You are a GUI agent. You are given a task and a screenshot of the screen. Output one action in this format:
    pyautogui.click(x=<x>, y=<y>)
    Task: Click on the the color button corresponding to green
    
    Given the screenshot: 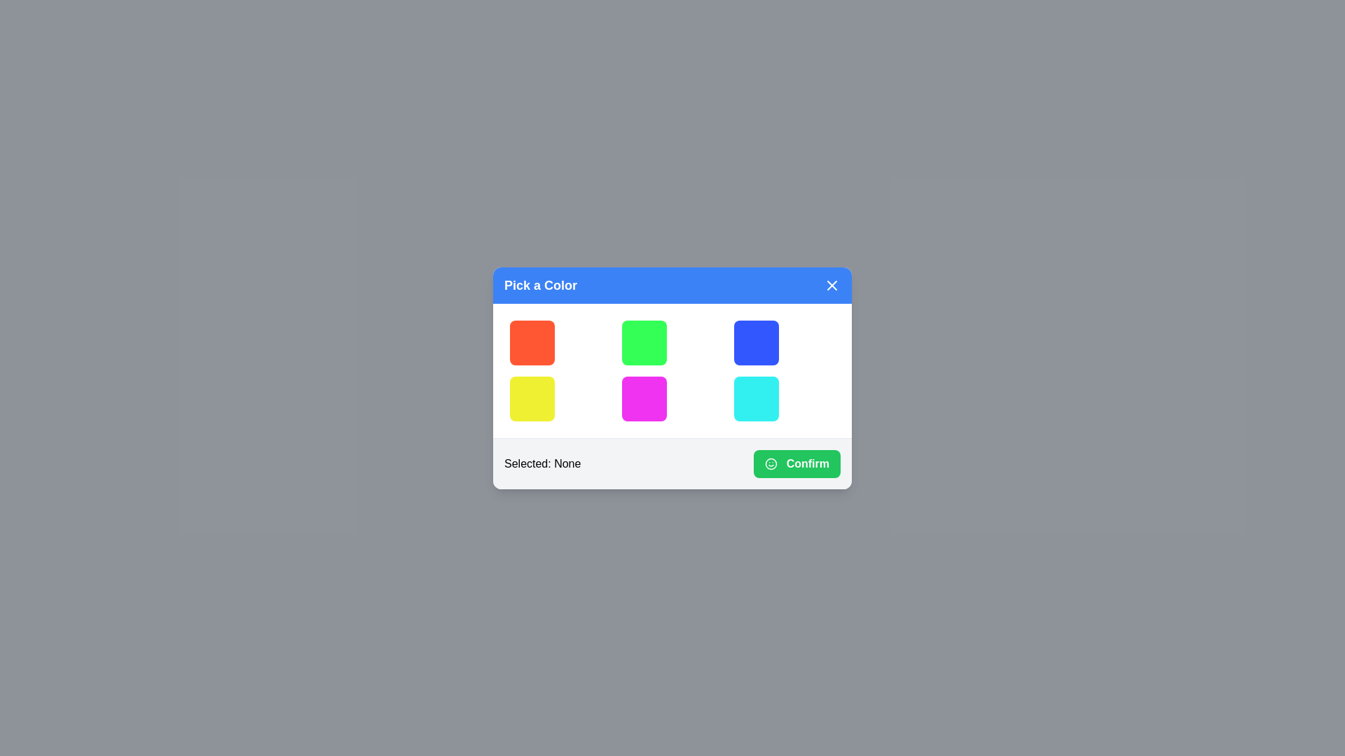 What is the action you would take?
    pyautogui.click(x=644, y=342)
    